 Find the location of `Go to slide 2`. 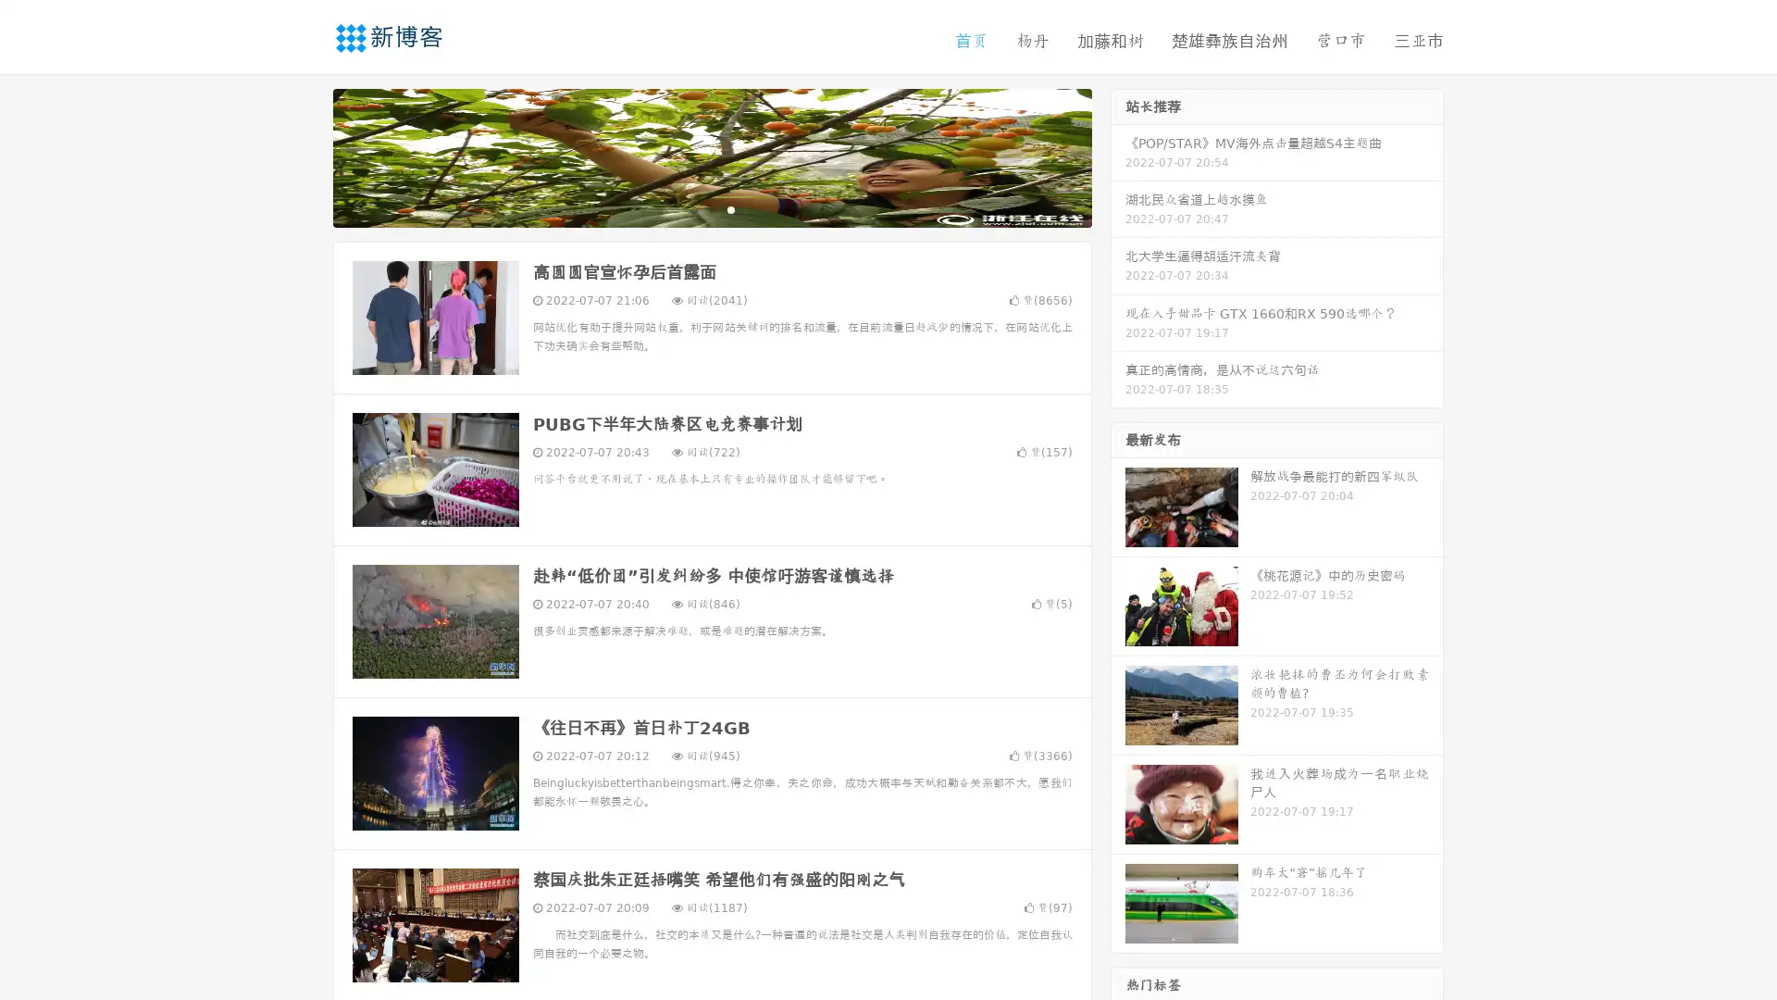

Go to slide 2 is located at coordinates (711, 208).